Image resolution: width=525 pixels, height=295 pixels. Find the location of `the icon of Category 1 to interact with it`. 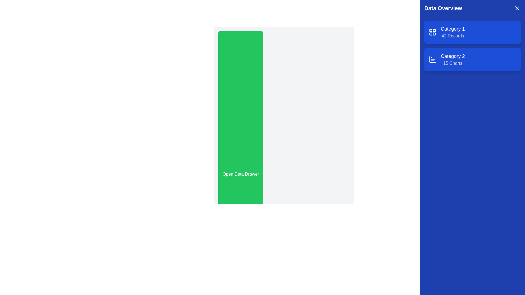

the icon of Category 1 to interact with it is located at coordinates (432, 32).